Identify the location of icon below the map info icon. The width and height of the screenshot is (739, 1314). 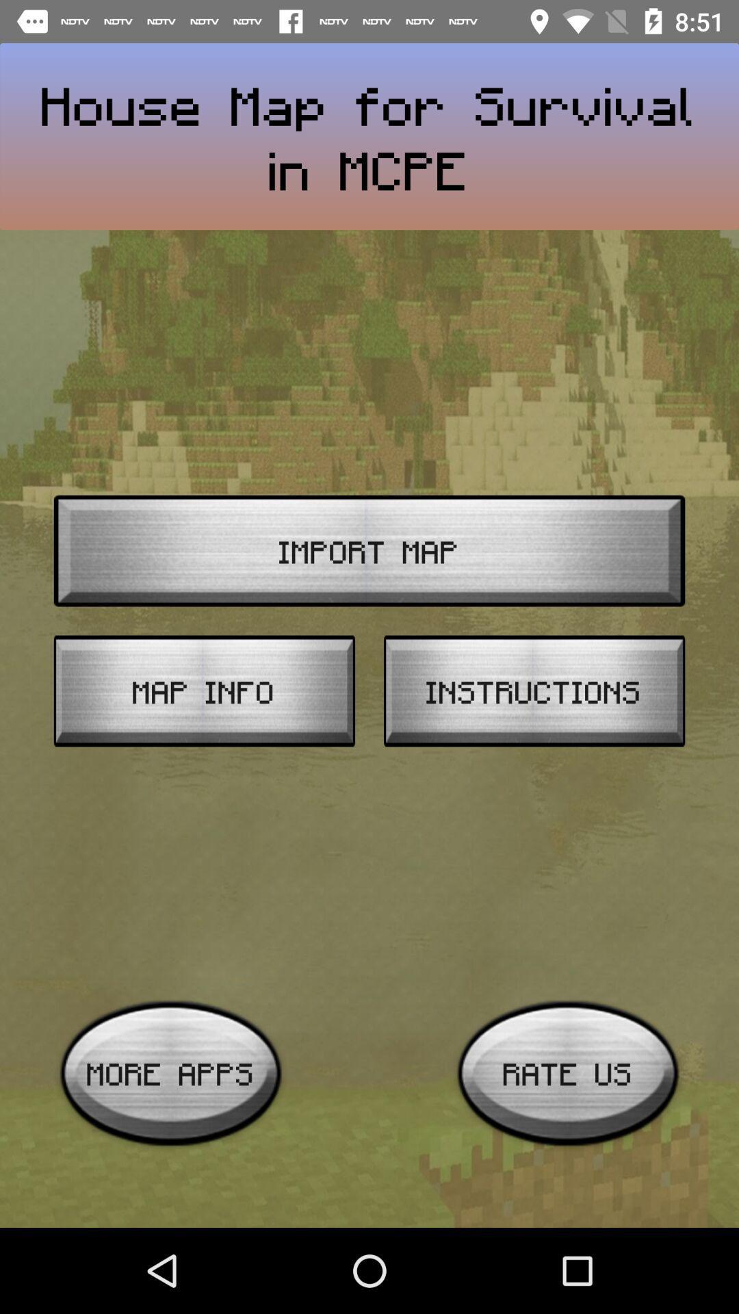
(170, 1072).